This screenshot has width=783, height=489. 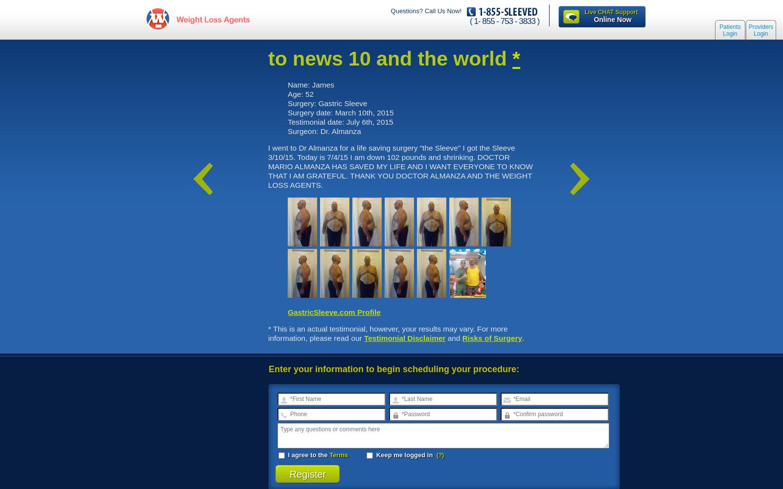 I want to click on 'Enter your information to begin scheduling your procedure:', so click(x=268, y=369).